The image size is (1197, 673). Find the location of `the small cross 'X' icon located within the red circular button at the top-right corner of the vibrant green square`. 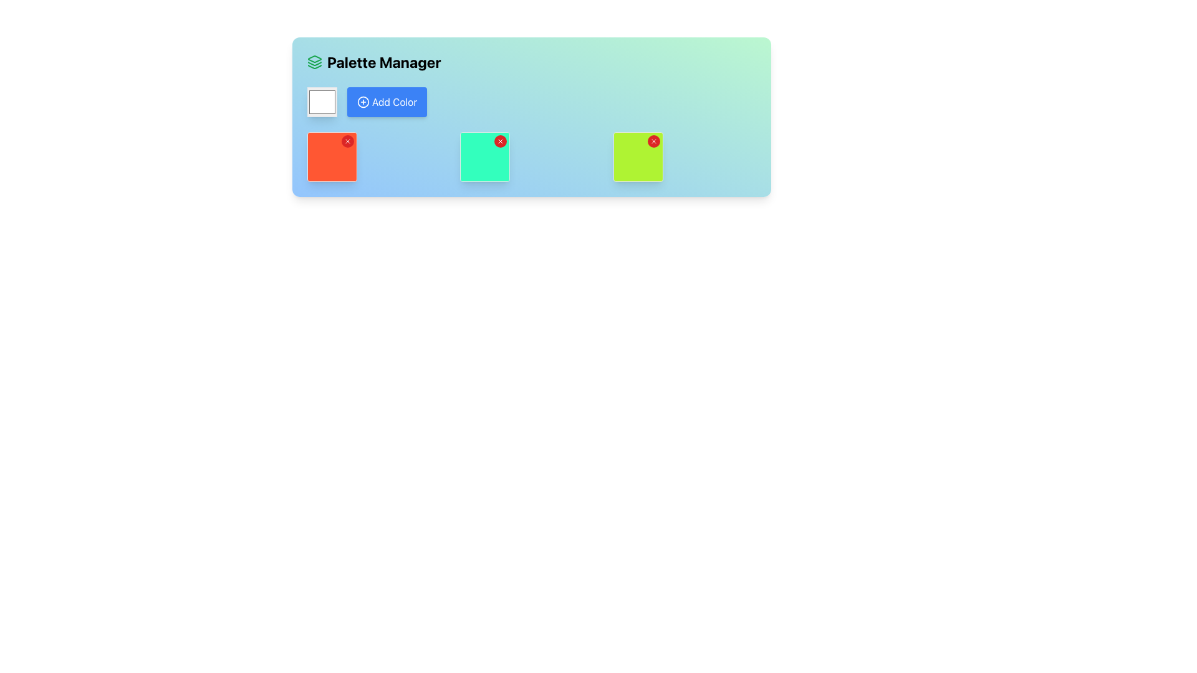

the small cross 'X' icon located within the red circular button at the top-right corner of the vibrant green square is located at coordinates (653, 141).